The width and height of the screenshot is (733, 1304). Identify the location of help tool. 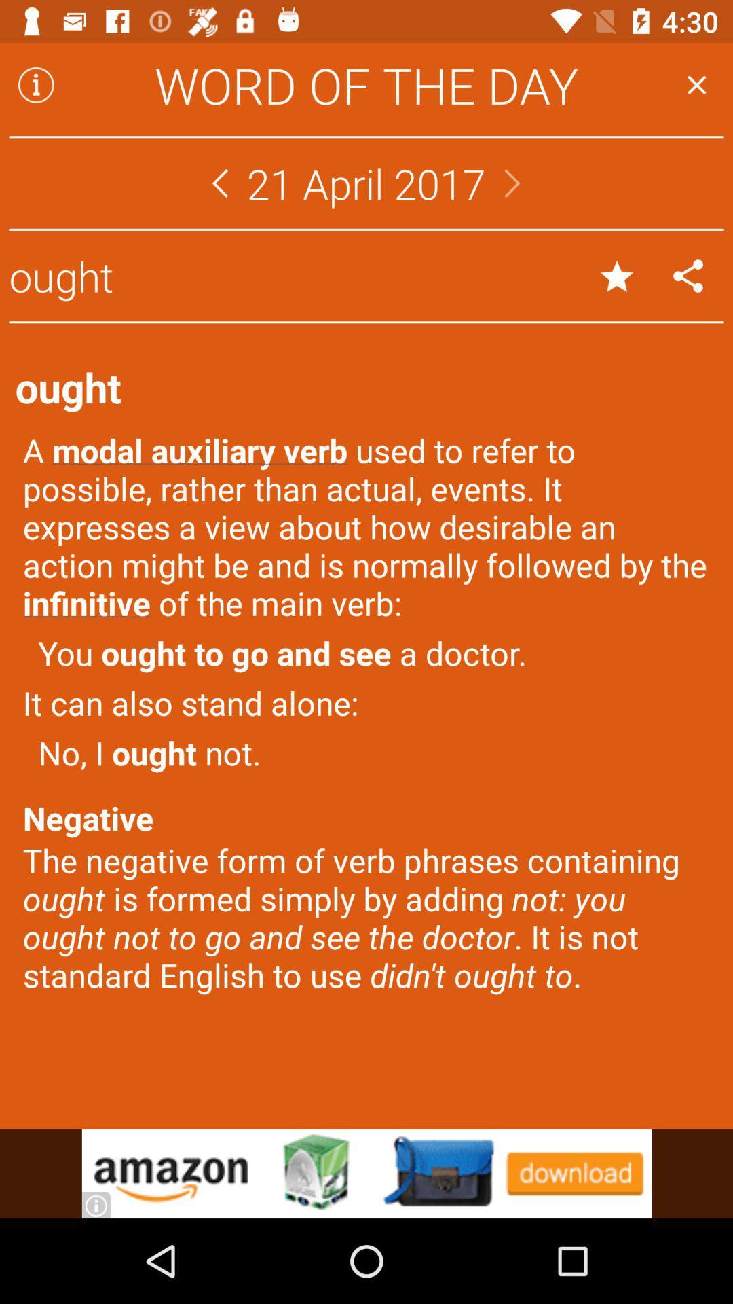
(35, 84).